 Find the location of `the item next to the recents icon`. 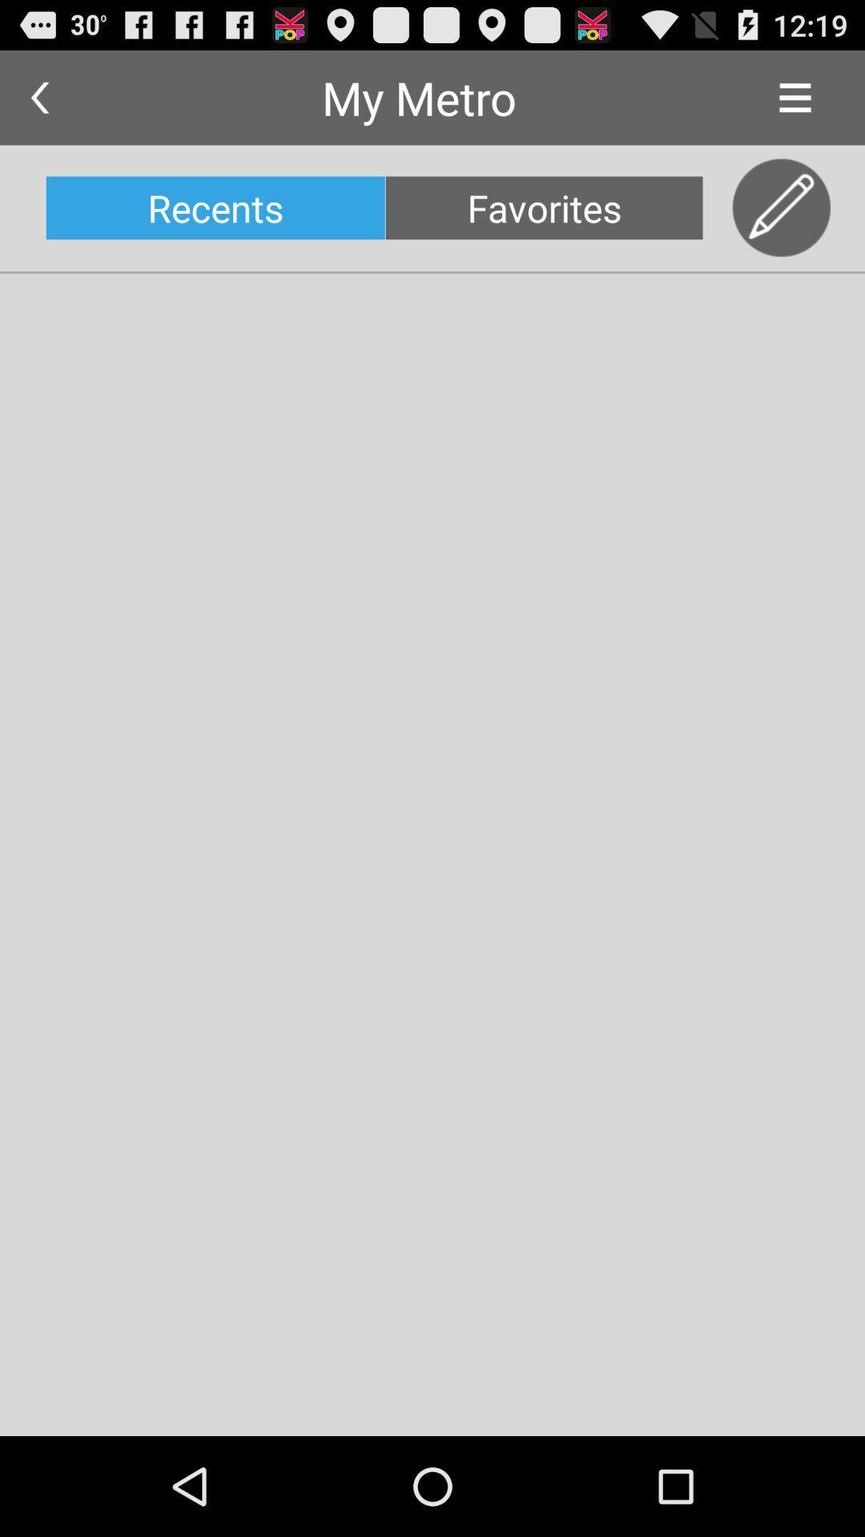

the item next to the recents icon is located at coordinates (543, 207).